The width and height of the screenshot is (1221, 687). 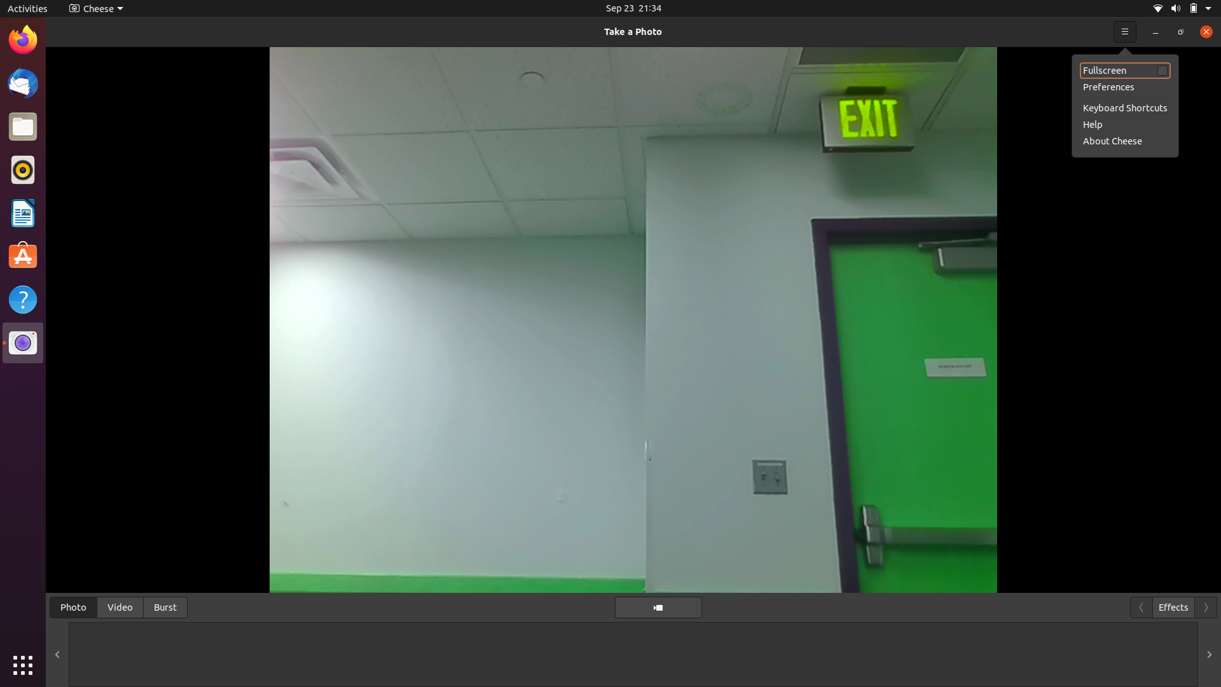 What do you see at coordinates (1202, 31) in the screenshot?
I see `Terminate the camera application` at bounding box center [1202, 31].